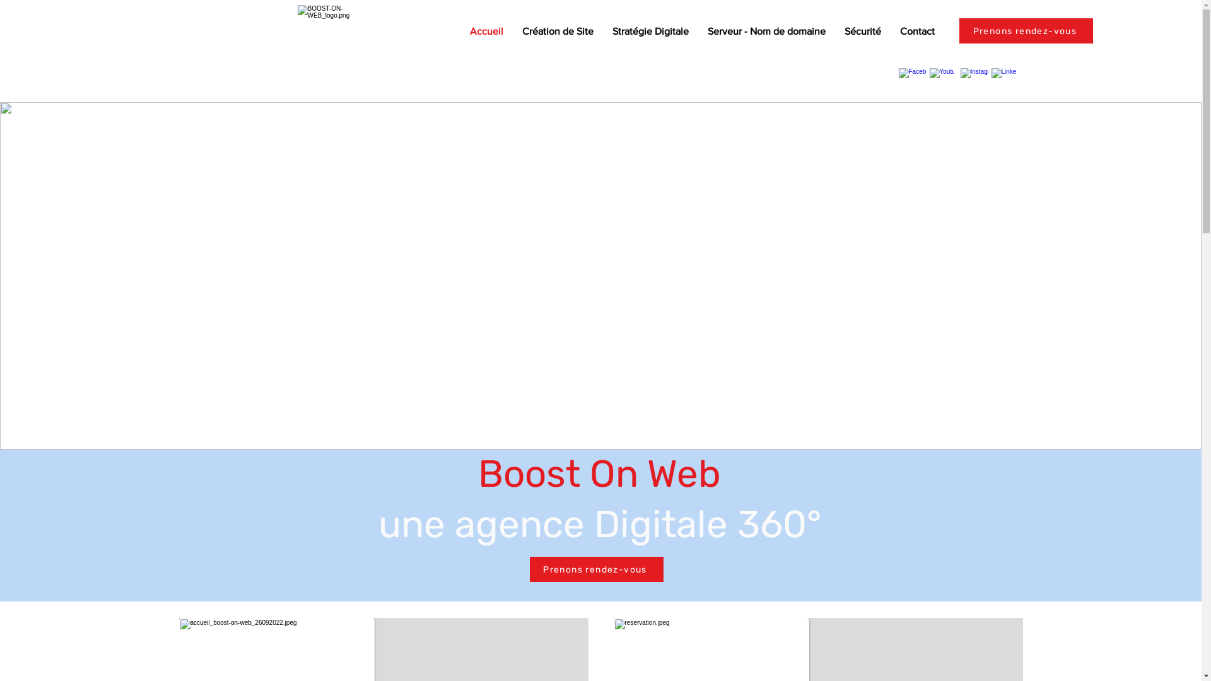 This screenshot has height=681, width=1211. I want to click on 'Prenons rendez-vous', so click(1026, 30).